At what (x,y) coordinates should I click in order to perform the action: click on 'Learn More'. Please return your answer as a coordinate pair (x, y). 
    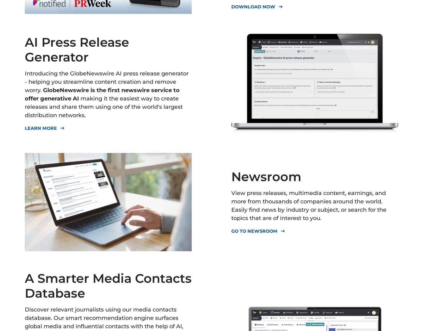
    Looking at the image, I should click on (40, 128).